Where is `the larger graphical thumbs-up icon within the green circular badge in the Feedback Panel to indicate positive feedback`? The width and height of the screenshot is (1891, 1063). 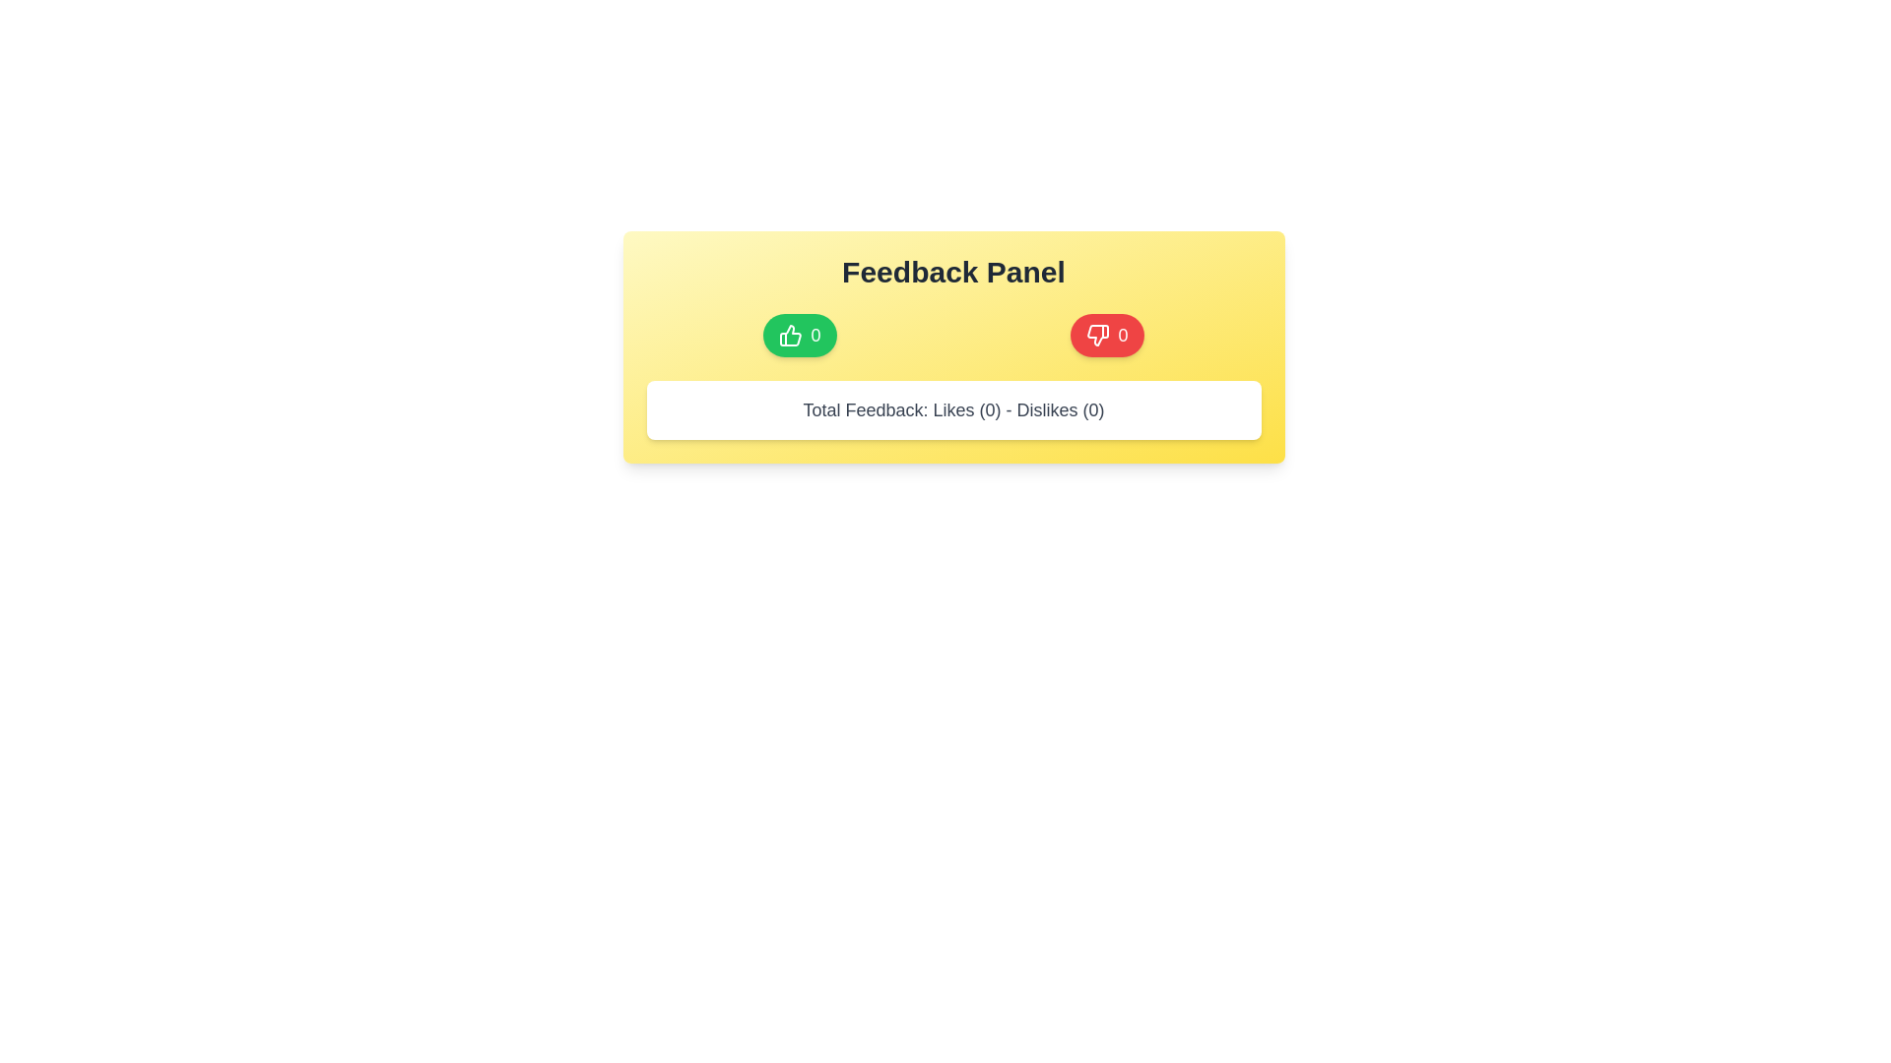 the larger graphical thumbs-up icon within the green circular badge in the Feedback Panel to indicate positive feedback is located at coordinates (791, 334).